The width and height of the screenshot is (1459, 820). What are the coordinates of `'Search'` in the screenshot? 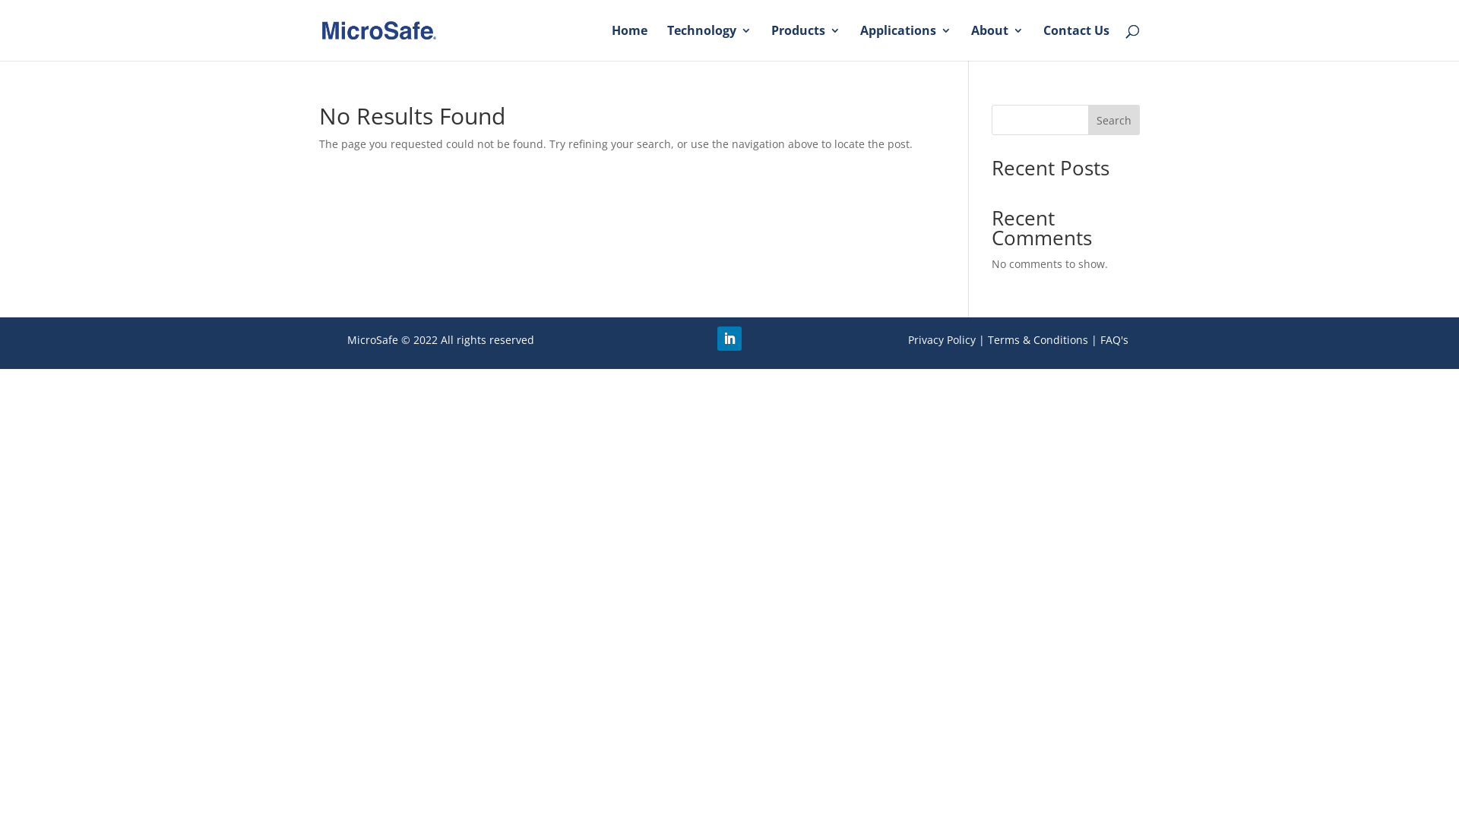 It's located at (1113, 119).